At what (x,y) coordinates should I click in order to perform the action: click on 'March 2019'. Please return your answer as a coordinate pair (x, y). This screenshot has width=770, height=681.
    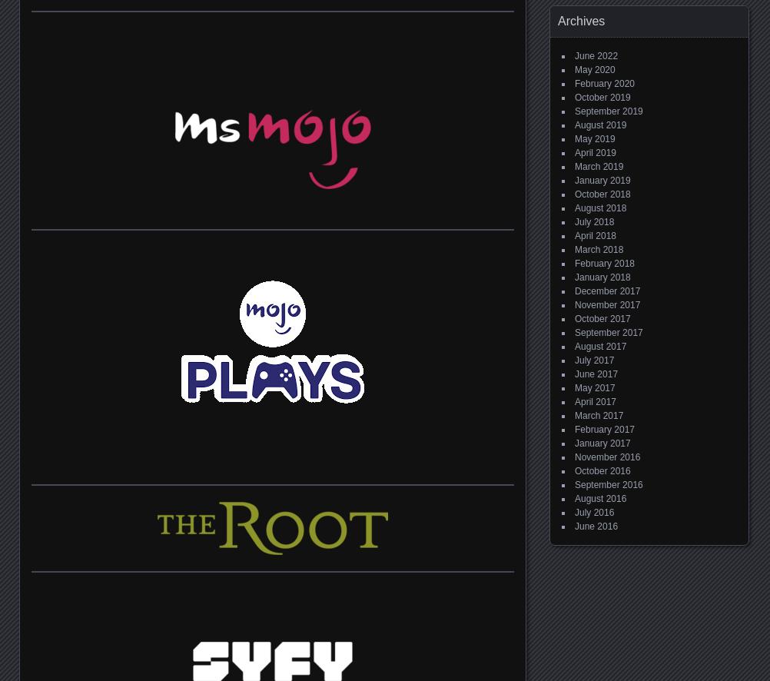
    Looking at the image, I should click on (598, 166).